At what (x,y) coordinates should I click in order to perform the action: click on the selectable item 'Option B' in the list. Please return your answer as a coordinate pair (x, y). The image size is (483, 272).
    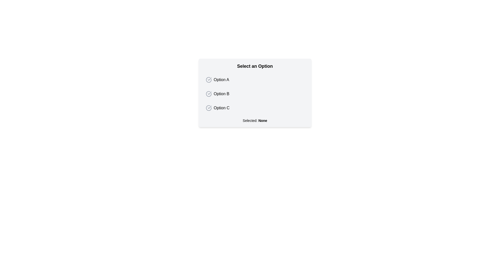
    Looking at the image, I should click on (255, 94).